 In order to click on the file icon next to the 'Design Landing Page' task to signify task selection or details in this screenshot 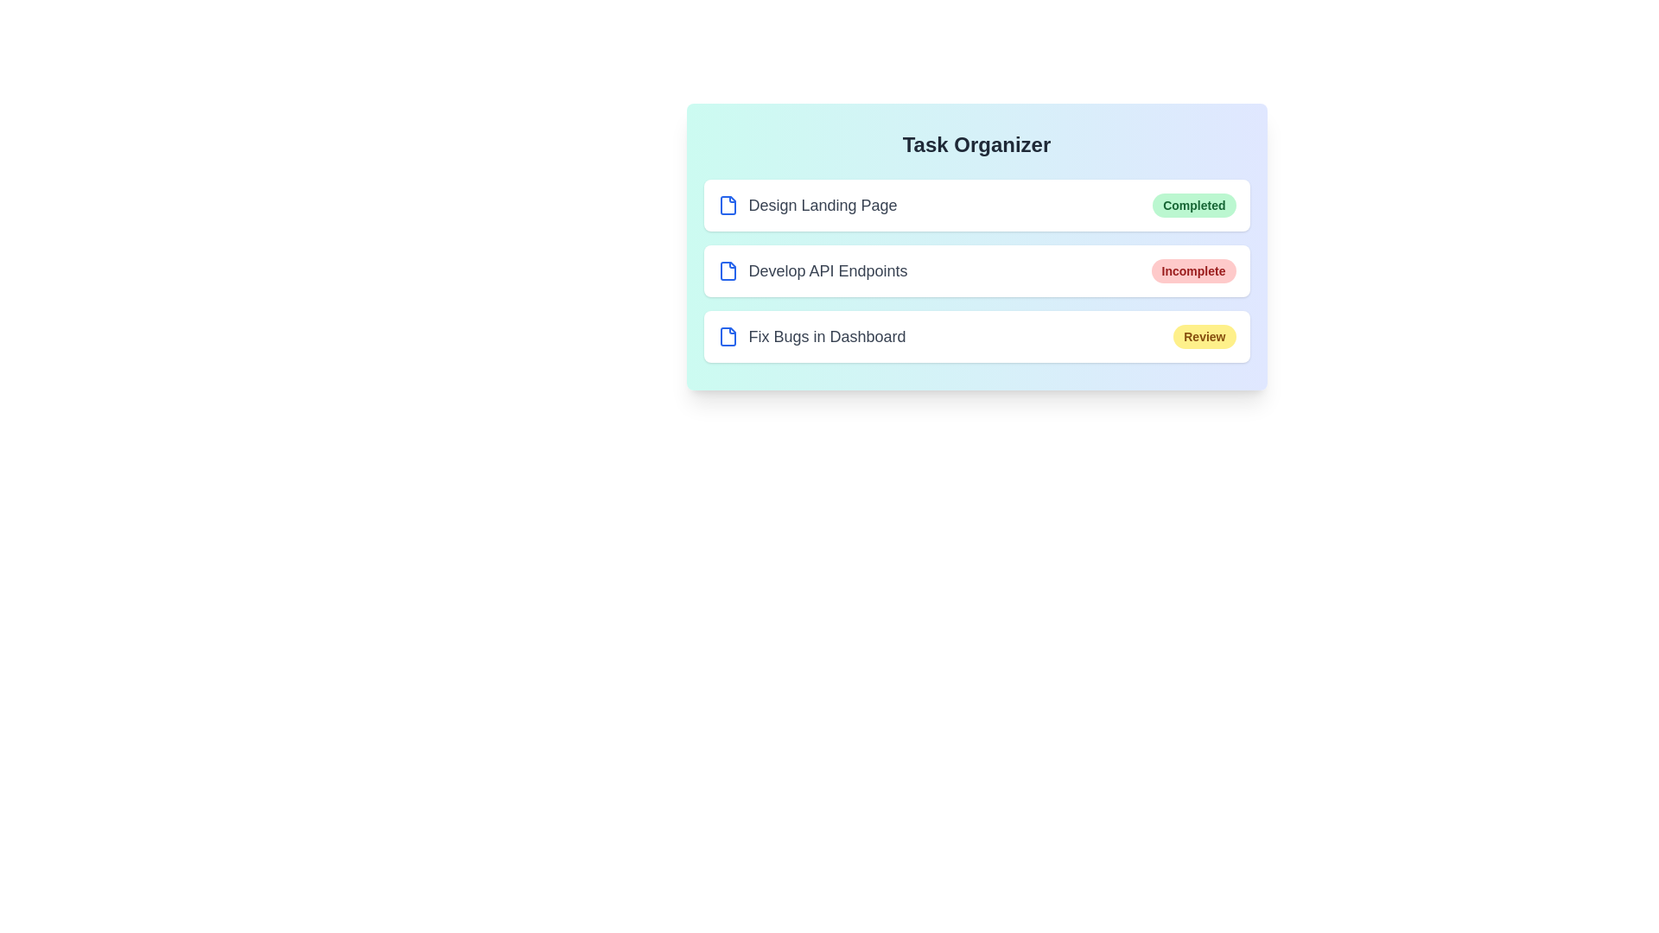, I will do `click(728, 205)`.